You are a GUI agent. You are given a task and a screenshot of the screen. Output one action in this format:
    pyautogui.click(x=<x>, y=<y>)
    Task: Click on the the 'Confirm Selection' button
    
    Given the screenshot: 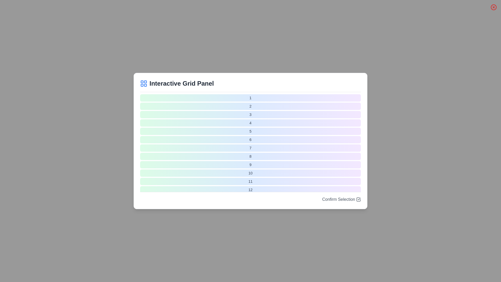 What is the action you would take?
    pyautogui.click(x=341, y=199)
    